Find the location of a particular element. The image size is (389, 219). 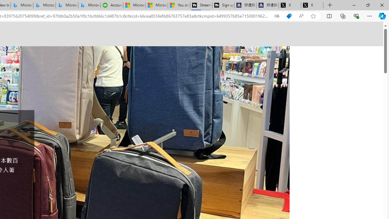

'Restore' is located at coordinates (367, 5).